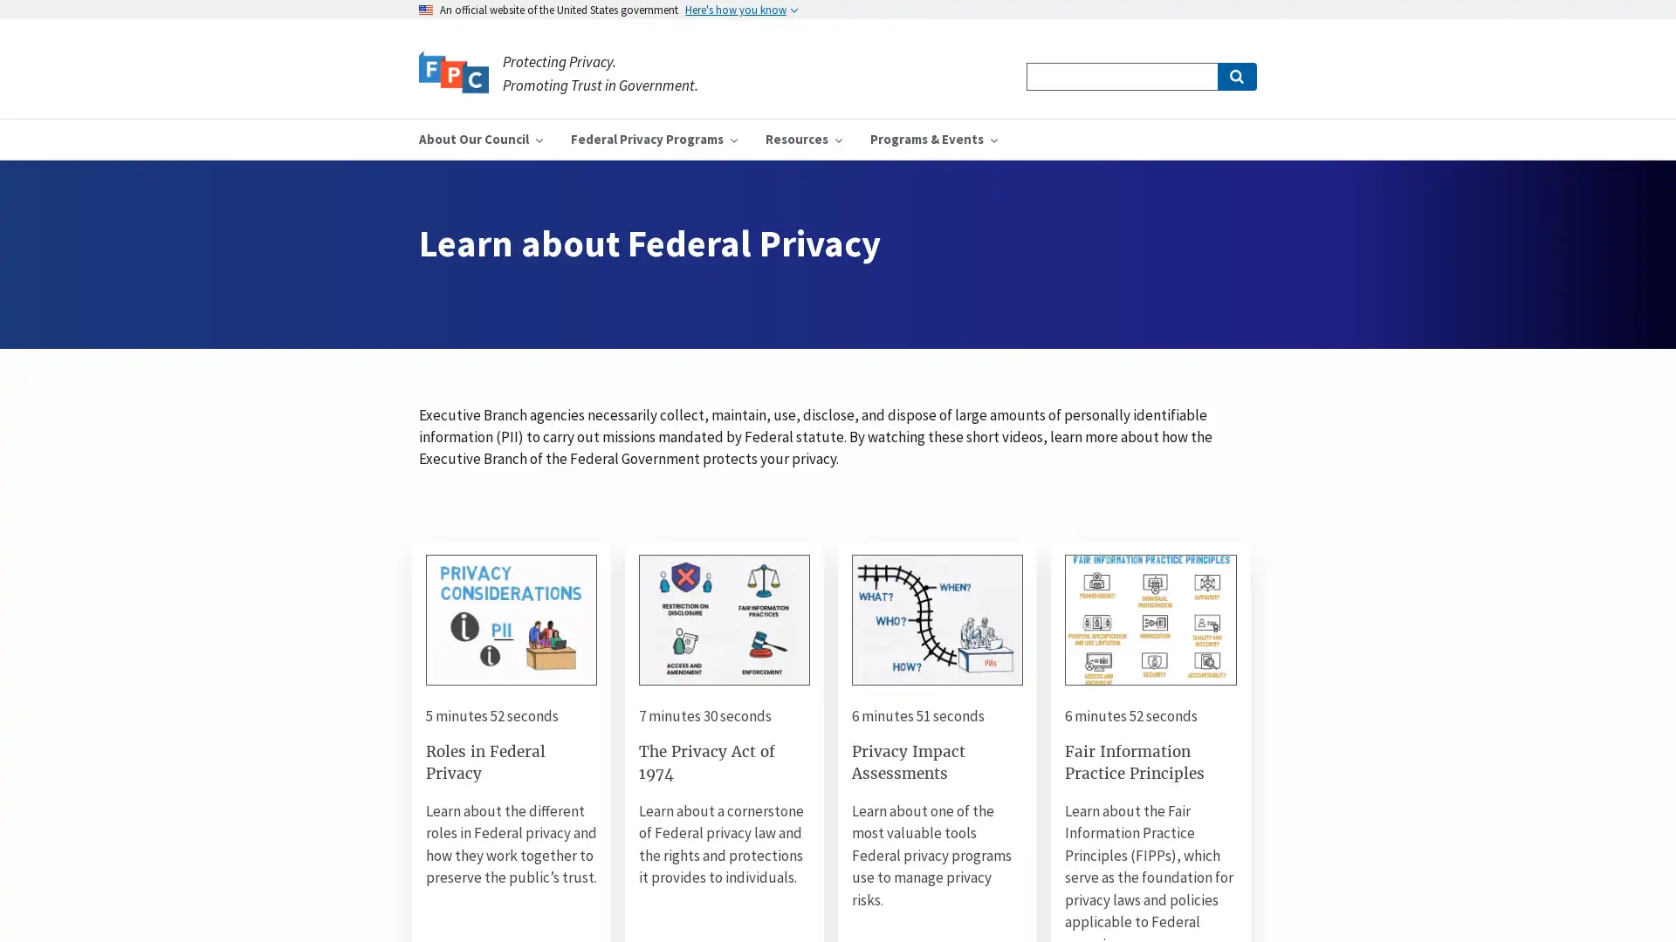  What do you see at coordinates (653, 138) in the screenshot?
I see `Federal Privacy Programs` at bounding box center [653, 138].